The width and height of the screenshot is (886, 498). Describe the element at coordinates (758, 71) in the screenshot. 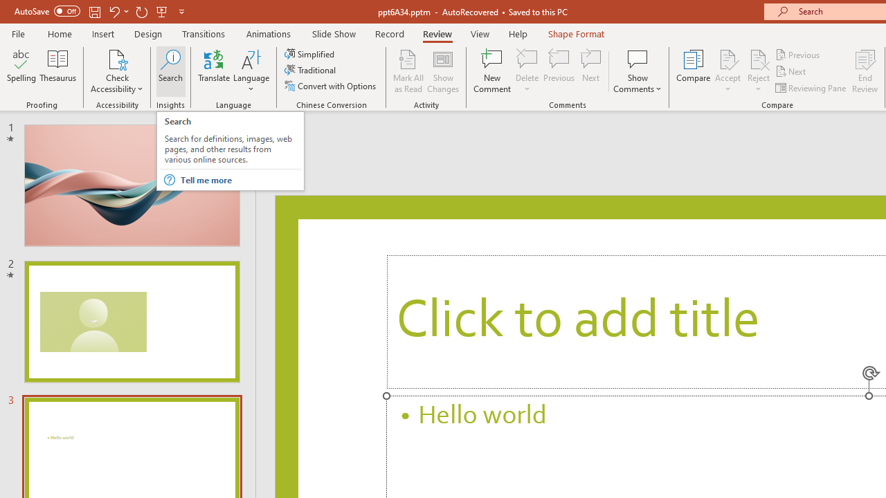

I see `'Reject'` at that location.